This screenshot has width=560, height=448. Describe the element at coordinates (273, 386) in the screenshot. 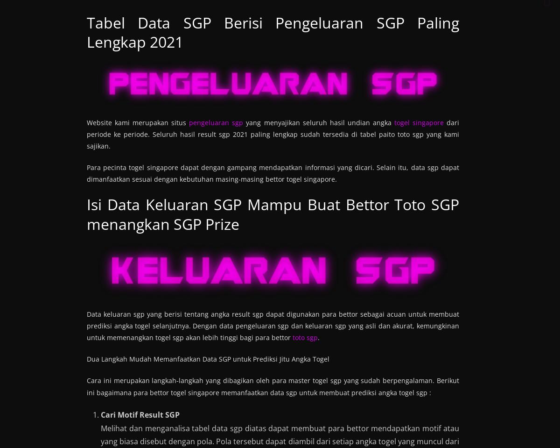

I see `'Cara ini merupakan langkah-langkah yang dibagikan oleh para master togel sgp yang sudah berpengalaman. Berikut ini bagaimana para bettor togel singapore memanfaatkan data sgp untuk membuat prediksi angka togel sgp :'` at that location.